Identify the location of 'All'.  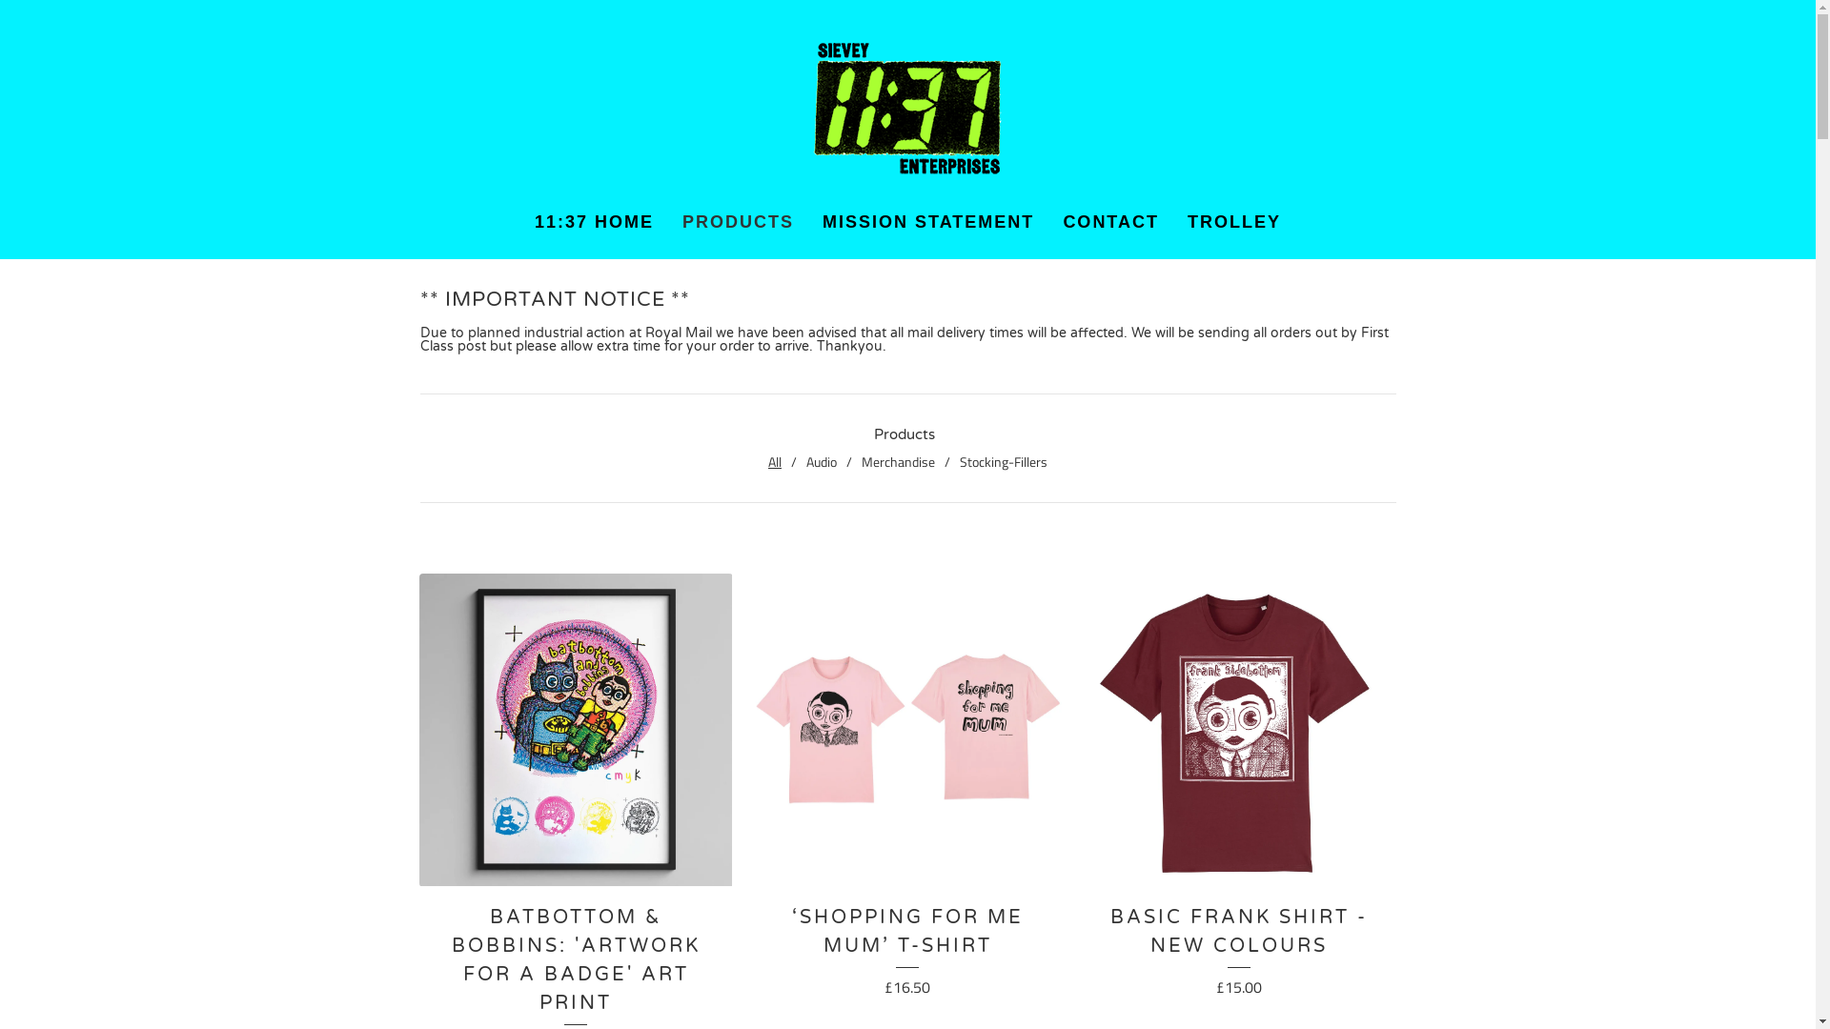
(774, 461).